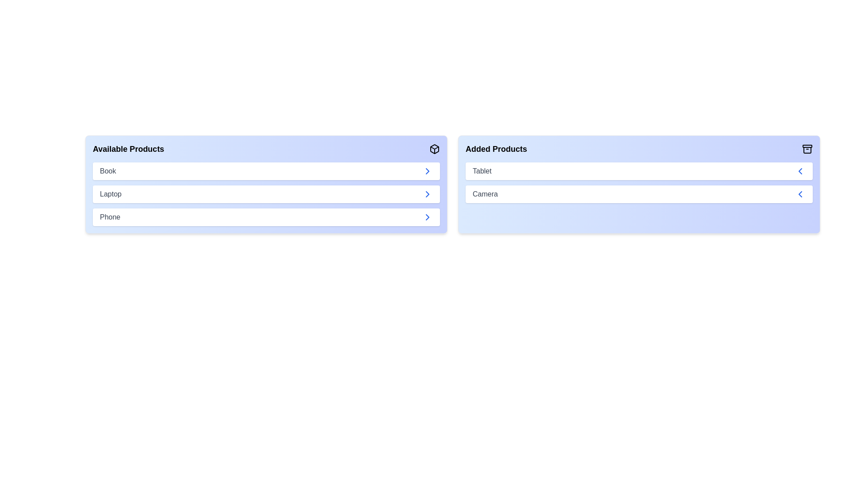 Image resolution: width=849 pixels, height=478 pixels. Describe the element at coordinates (800, 194) in the screenshot. I see `left arrow button next to the product 'Camera' in the 'Added Products' list to transfer it to the 'Available Products' list` at that location.